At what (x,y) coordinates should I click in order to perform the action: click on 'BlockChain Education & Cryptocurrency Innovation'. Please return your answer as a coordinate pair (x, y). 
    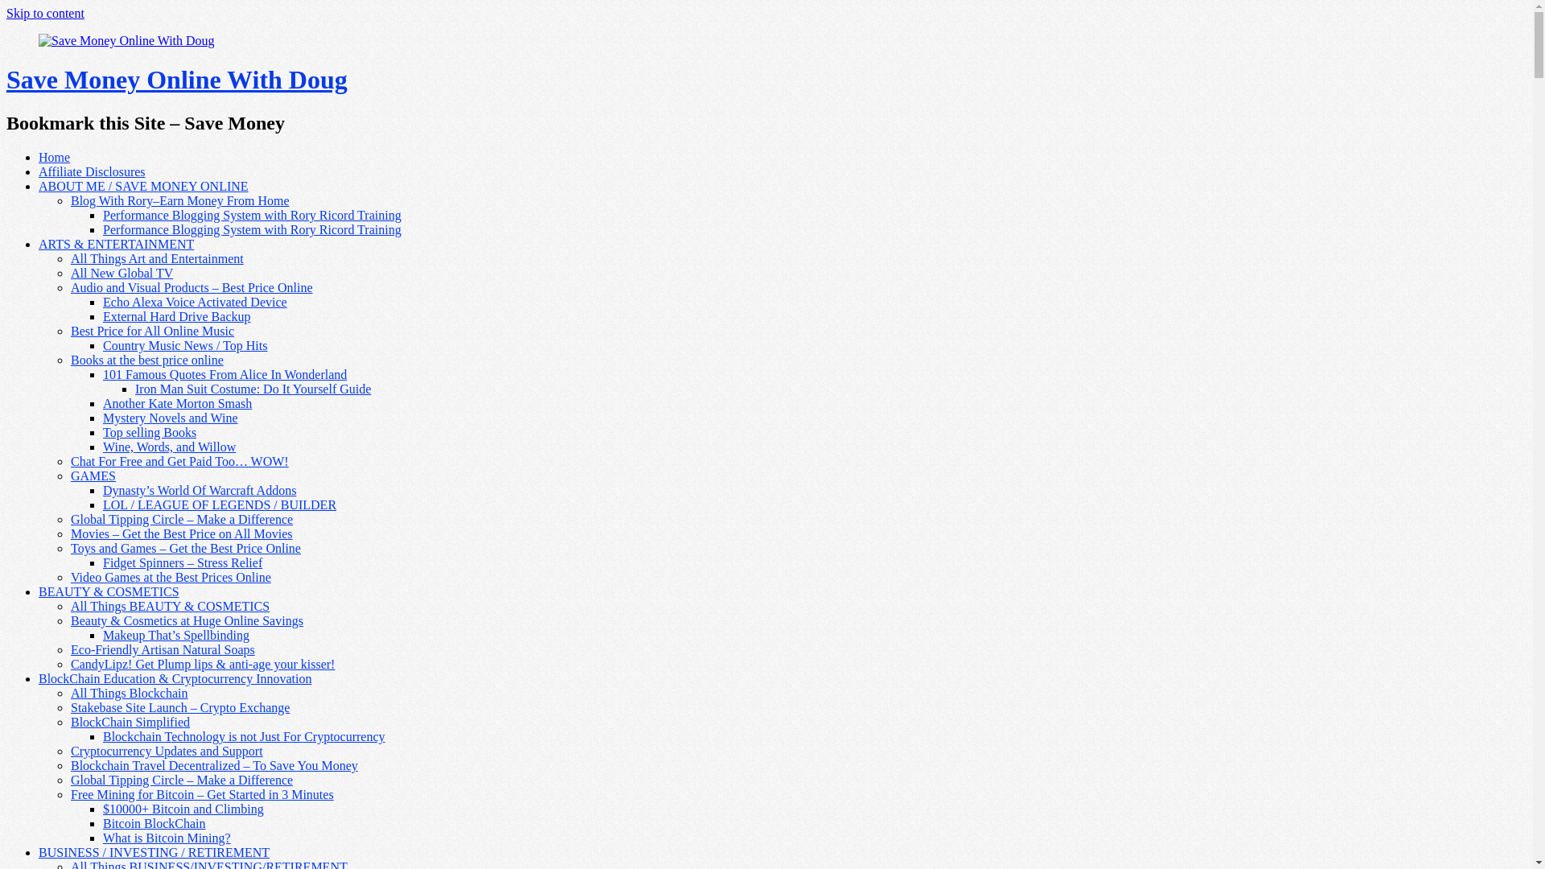
    Looking at the image, I should click on (175, 678).